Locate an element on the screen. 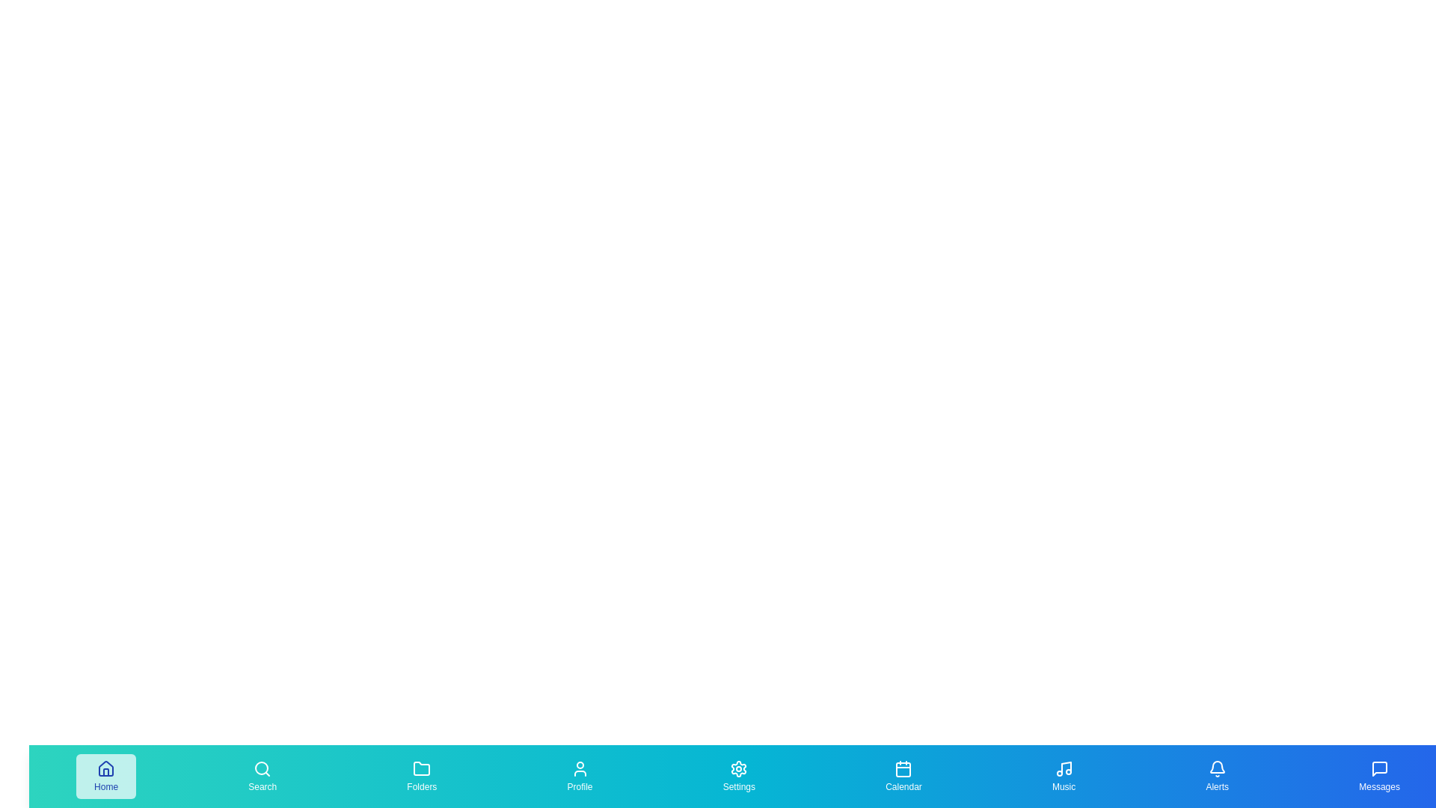  the 'Calendar' tab in the bottom navigation bar is located at coordinates (903, 775).